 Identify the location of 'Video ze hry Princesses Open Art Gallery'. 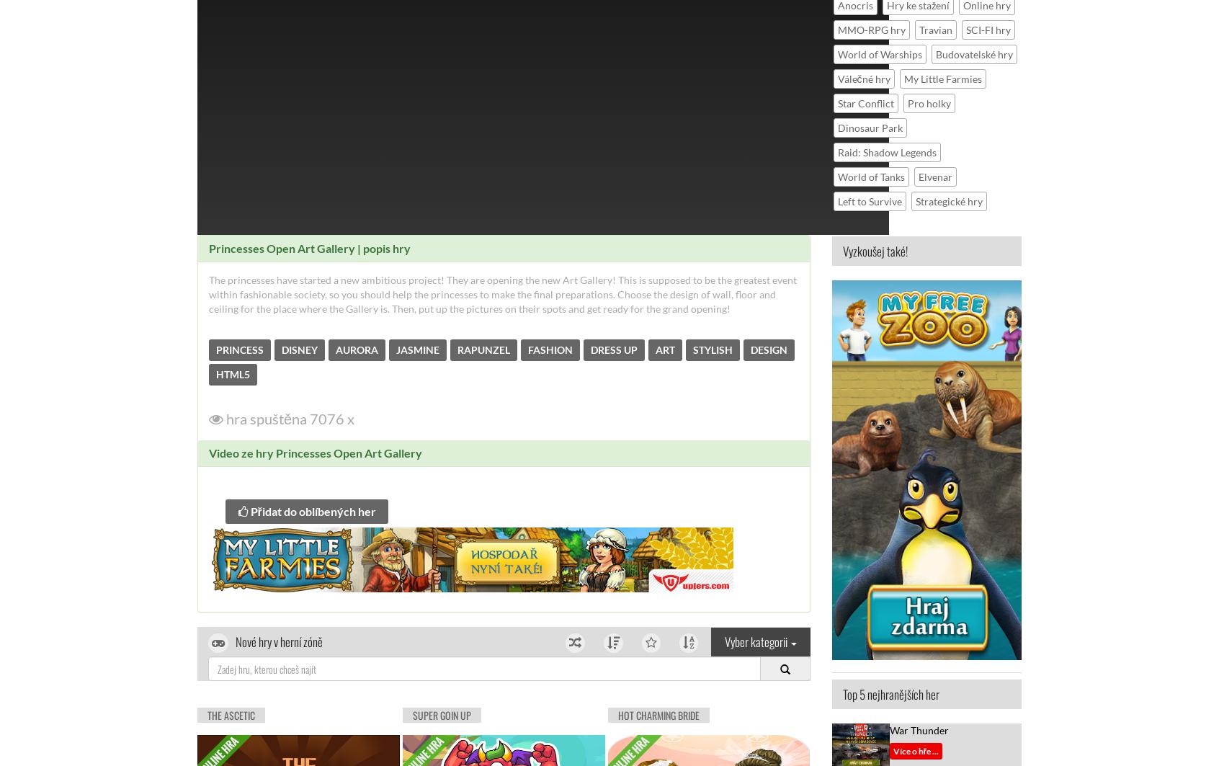
(315, 451).